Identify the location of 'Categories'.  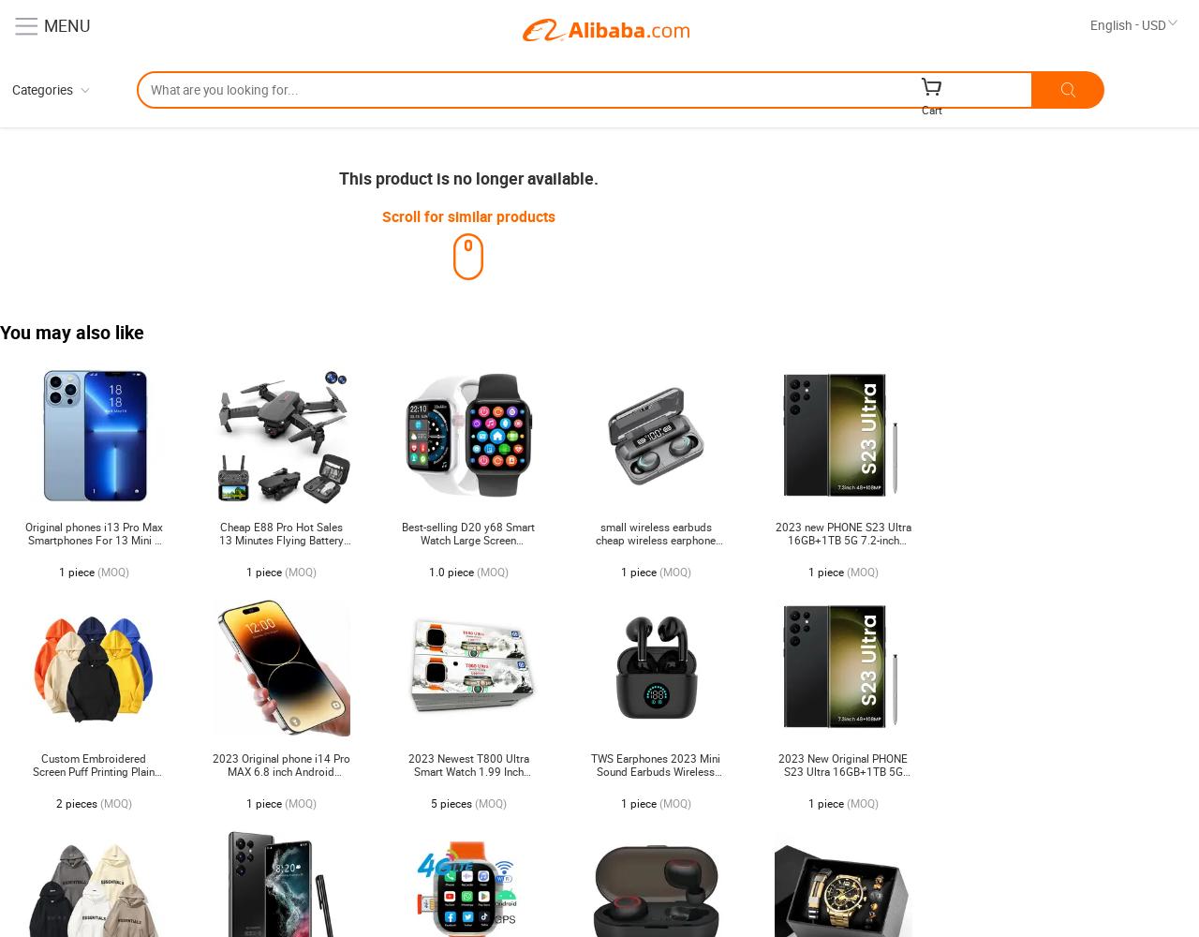
(42, 88).